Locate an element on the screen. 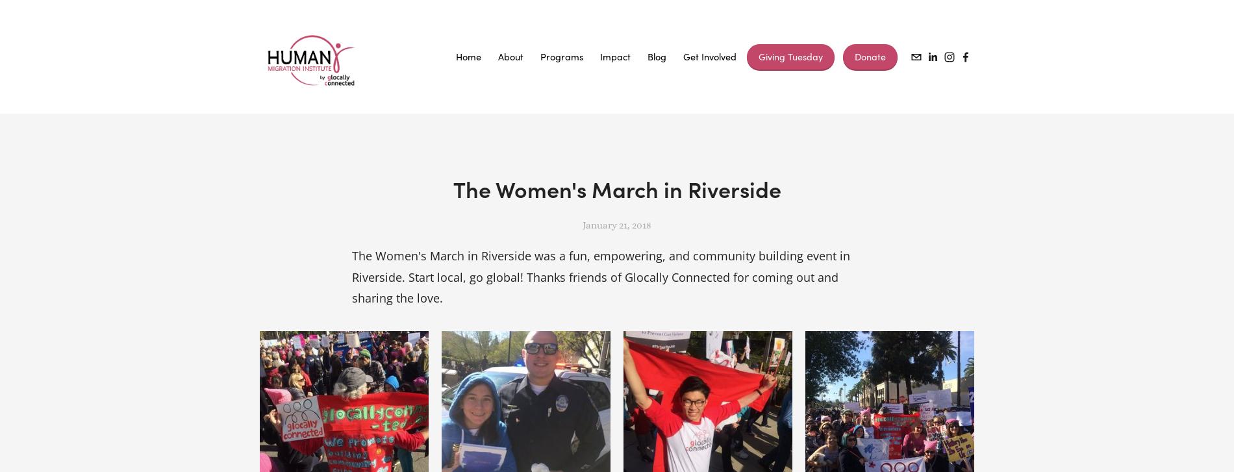 The height and width of the screenshot is (472, 1234). 'Blog' is located at coordinates (647, 56).